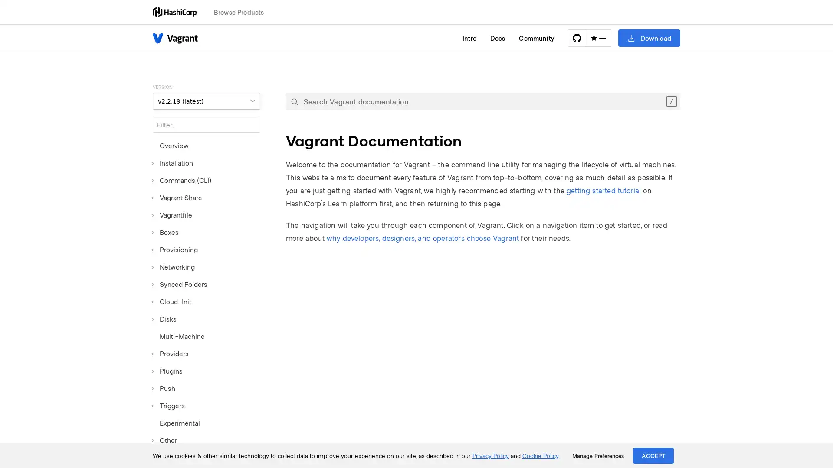  I want to click on Vagrantfile, so click(172, 214).